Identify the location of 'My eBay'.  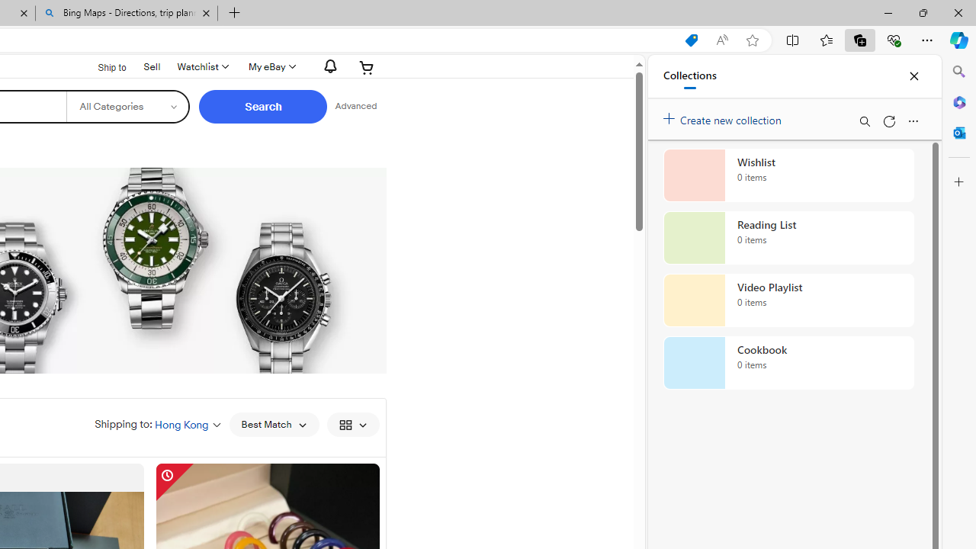
(271, 66).